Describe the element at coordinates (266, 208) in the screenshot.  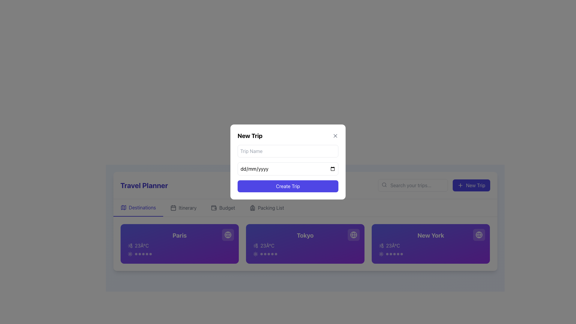
I see `the interactive button in the horizontal menu bar below the 'Travel Planner' panel` at that location.